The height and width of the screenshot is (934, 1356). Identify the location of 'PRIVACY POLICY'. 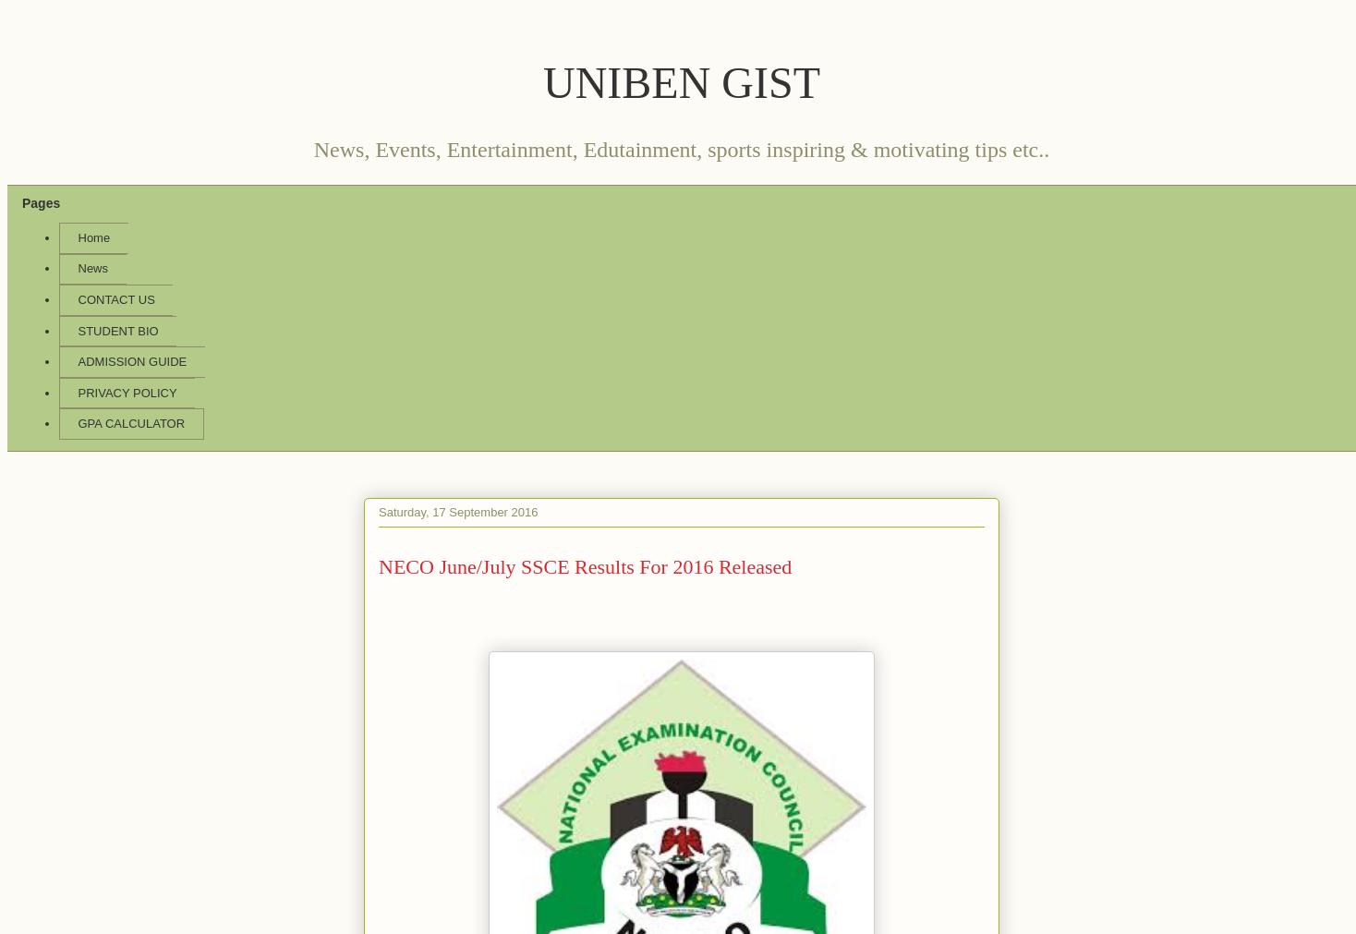
(126, 391).